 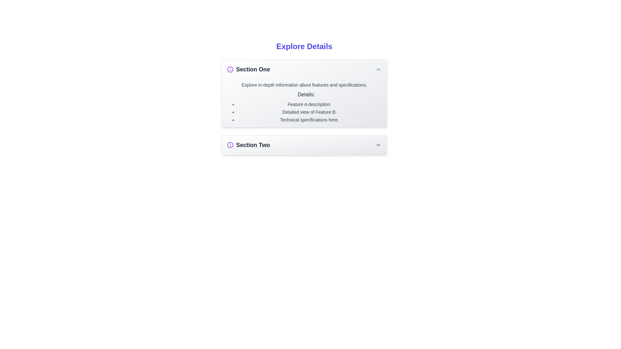 What do you see at coordinates (304, 144) in the screenshot?
I see `the 'Section Two' collapsible section header for keyboard navigation` at bounding box center [304, 144].